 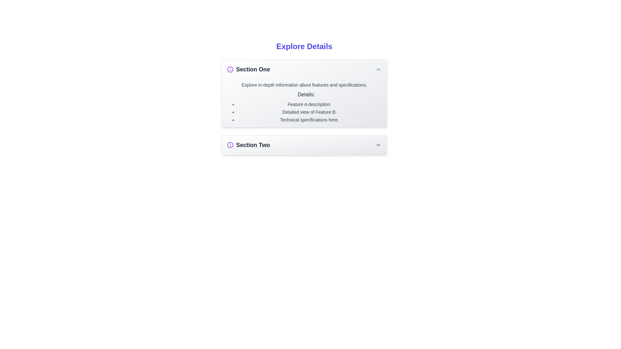 What do you see at coordinates (304, 144) in the screenshot?
I see `the 'Section Two' collapsible section header for keyboard navigation` at bounding box center [304, 144].